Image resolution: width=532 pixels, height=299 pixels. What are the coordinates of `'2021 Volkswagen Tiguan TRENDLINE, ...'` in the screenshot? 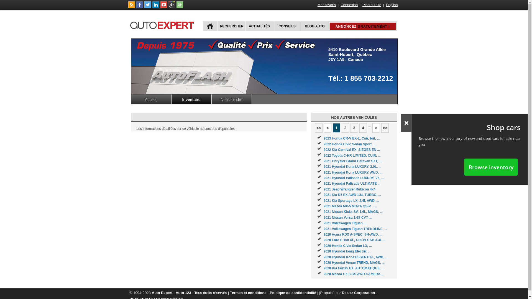 It's located at (355, 229).